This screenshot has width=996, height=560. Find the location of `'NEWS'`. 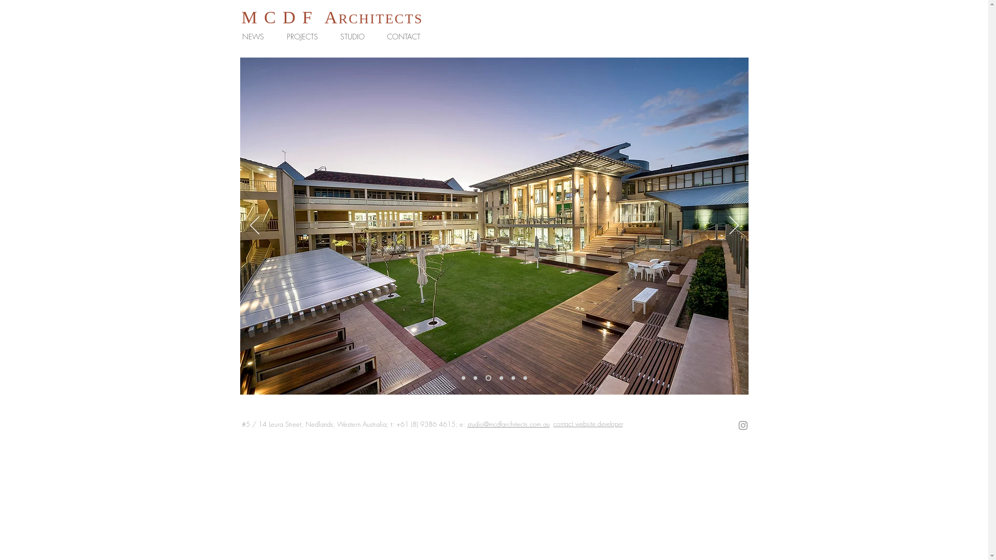

'NEWS' is located at coordinates (256, 36).